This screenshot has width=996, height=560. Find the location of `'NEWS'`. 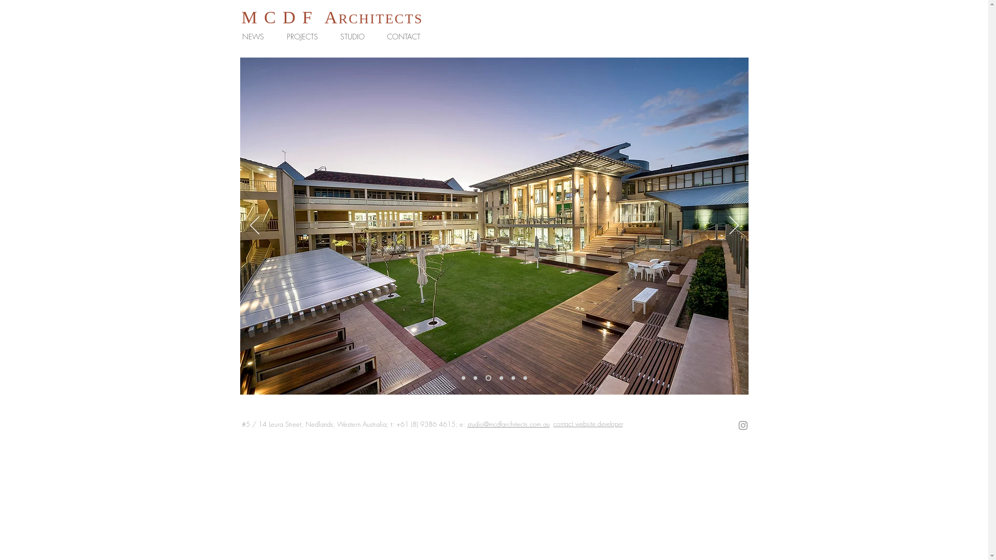

'NEWS' is located at coordinates (256, 36).